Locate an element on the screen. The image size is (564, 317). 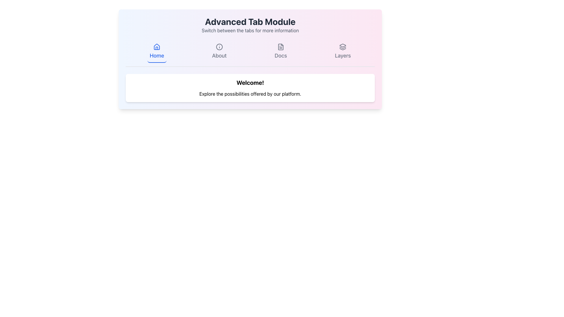
the circular icon component representing the 'About' tab, which is centrally positioned within the header section is located at coordinates (219, 46).